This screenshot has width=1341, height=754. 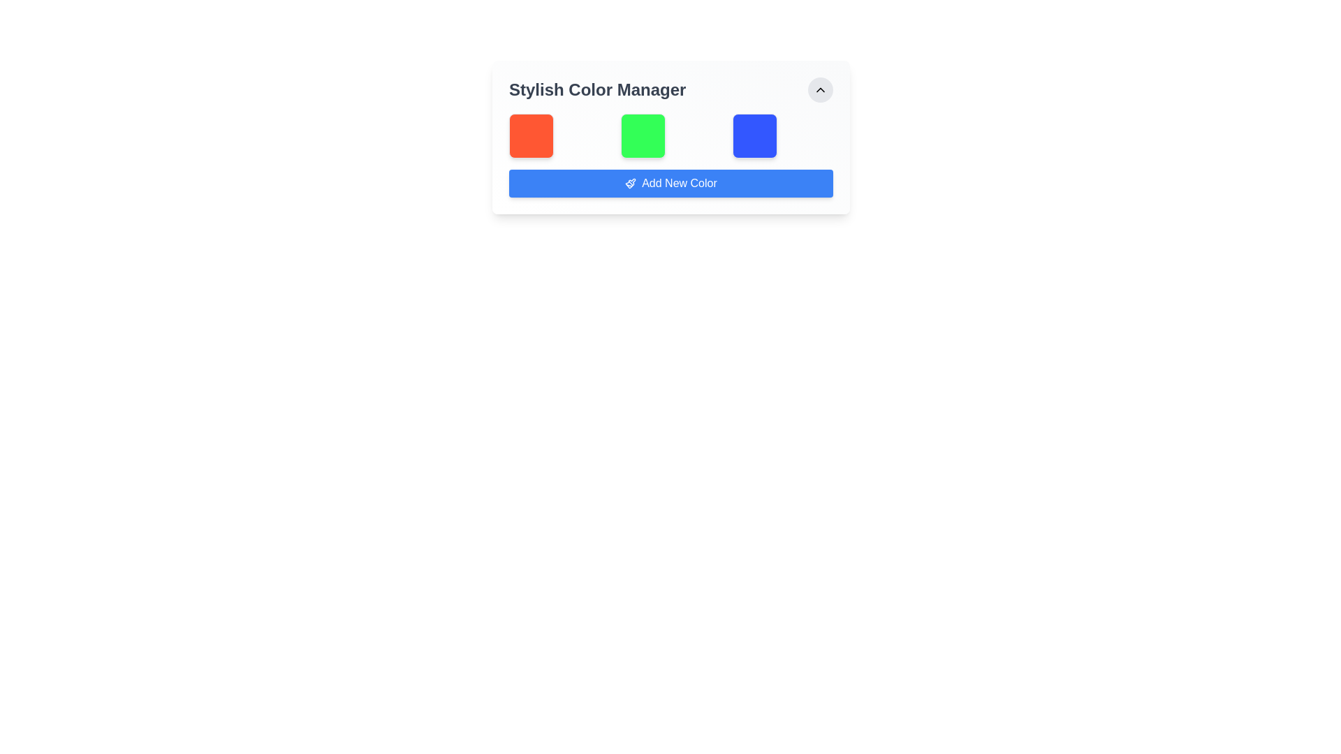 I want to click on the small upward-pointing chevron icon within the circular button located at the top-right corner of the 'Stylish Color Manager' card, so click(x=821, y=89).